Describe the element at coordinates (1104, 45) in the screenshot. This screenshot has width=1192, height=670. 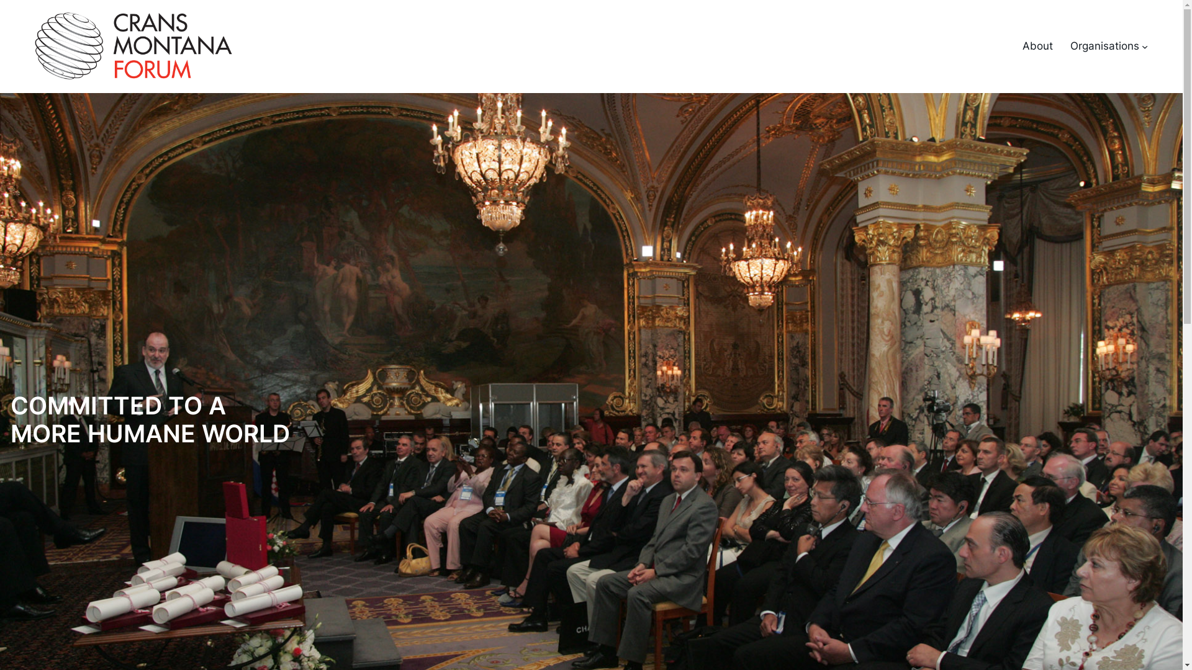
I see `'Organisations'` at that location.